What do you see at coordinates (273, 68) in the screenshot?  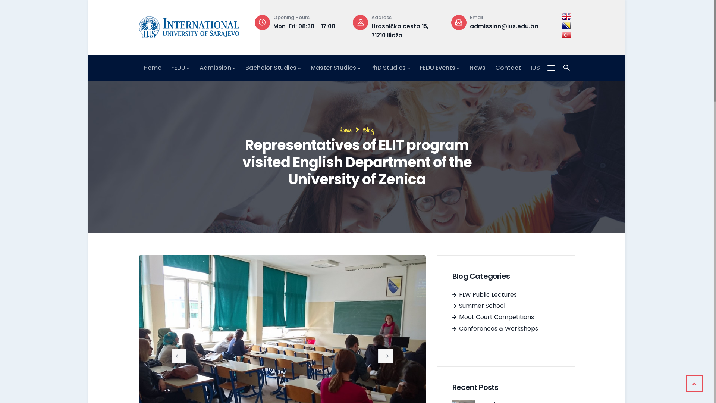 I see `'Bachelor Studies'` at bounding box center [273, 68].